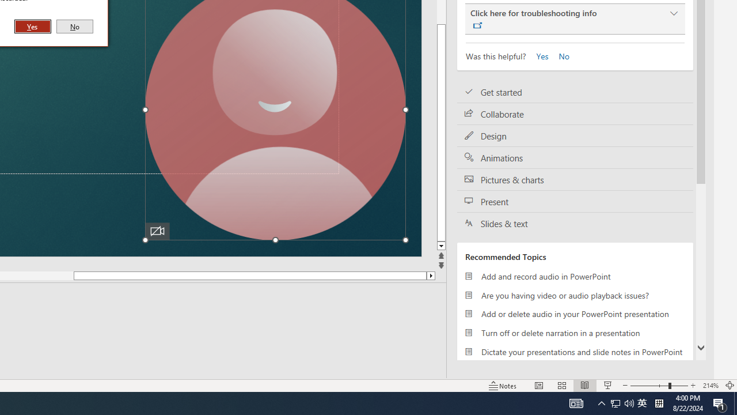 The height and width of the screenshot is (415, 737). What do you see at coordinates (575, 351) in the screenshot?
I see `'Dictate your presentations and slide notes in PowerPoint'` at bounding box center [575, 351].